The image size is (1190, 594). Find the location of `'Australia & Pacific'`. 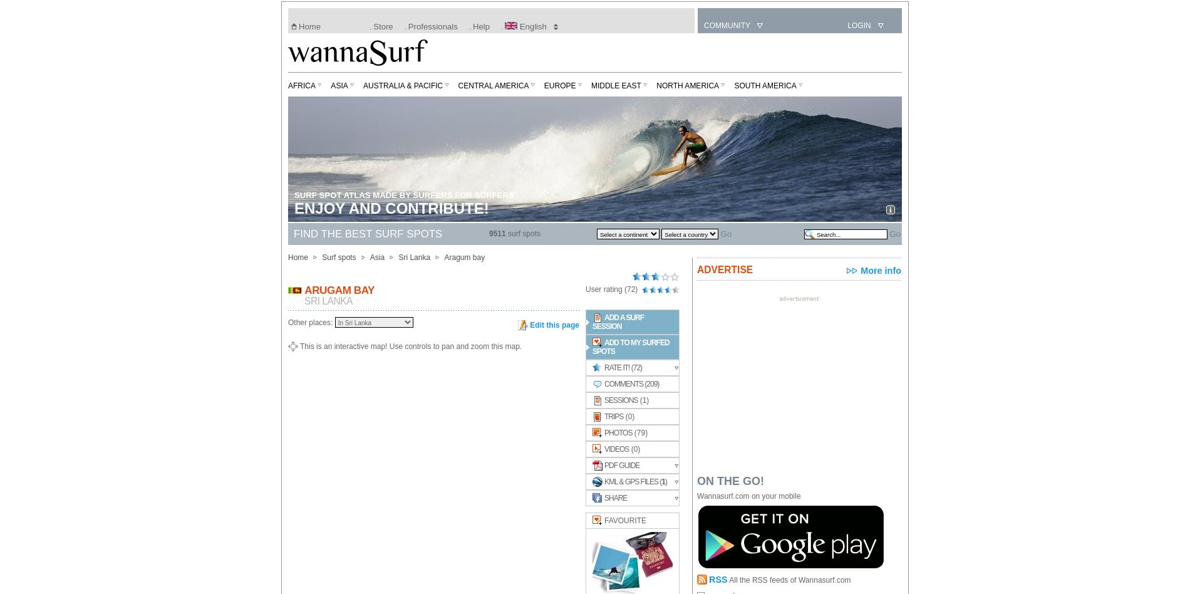

'Australia & Pacific' is located at coordinates (403, 85).